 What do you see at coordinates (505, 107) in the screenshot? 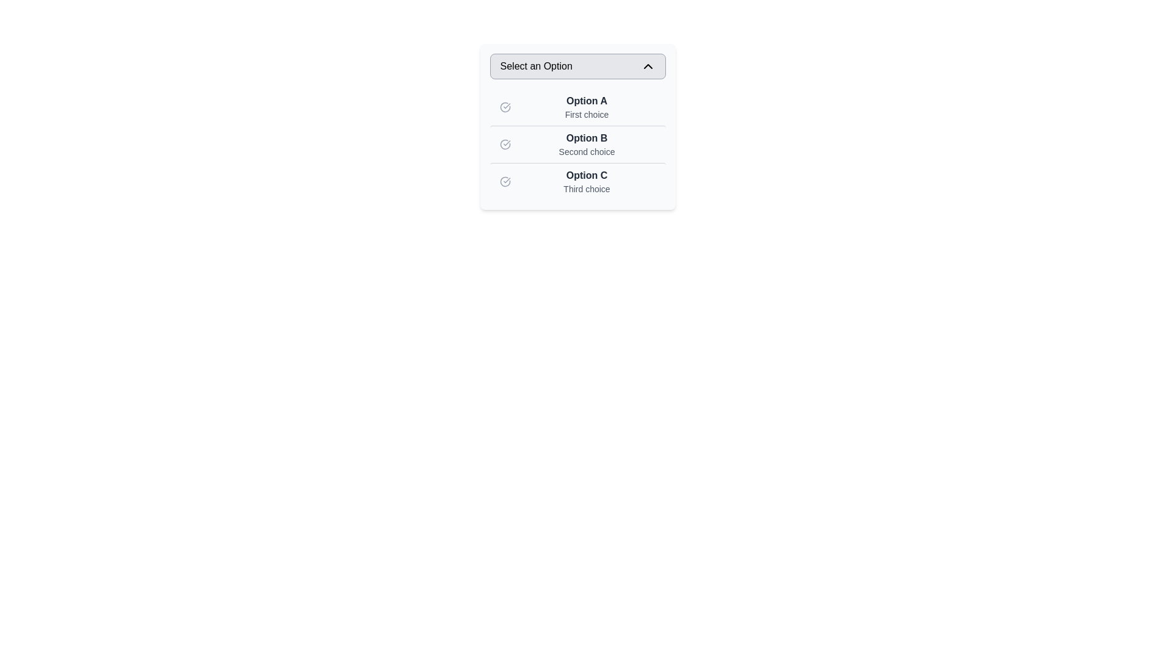
I see `the selection icon indicating 'Option A', which is the first icon in a vertical list of selectable options` at bounding box center [505, 107].